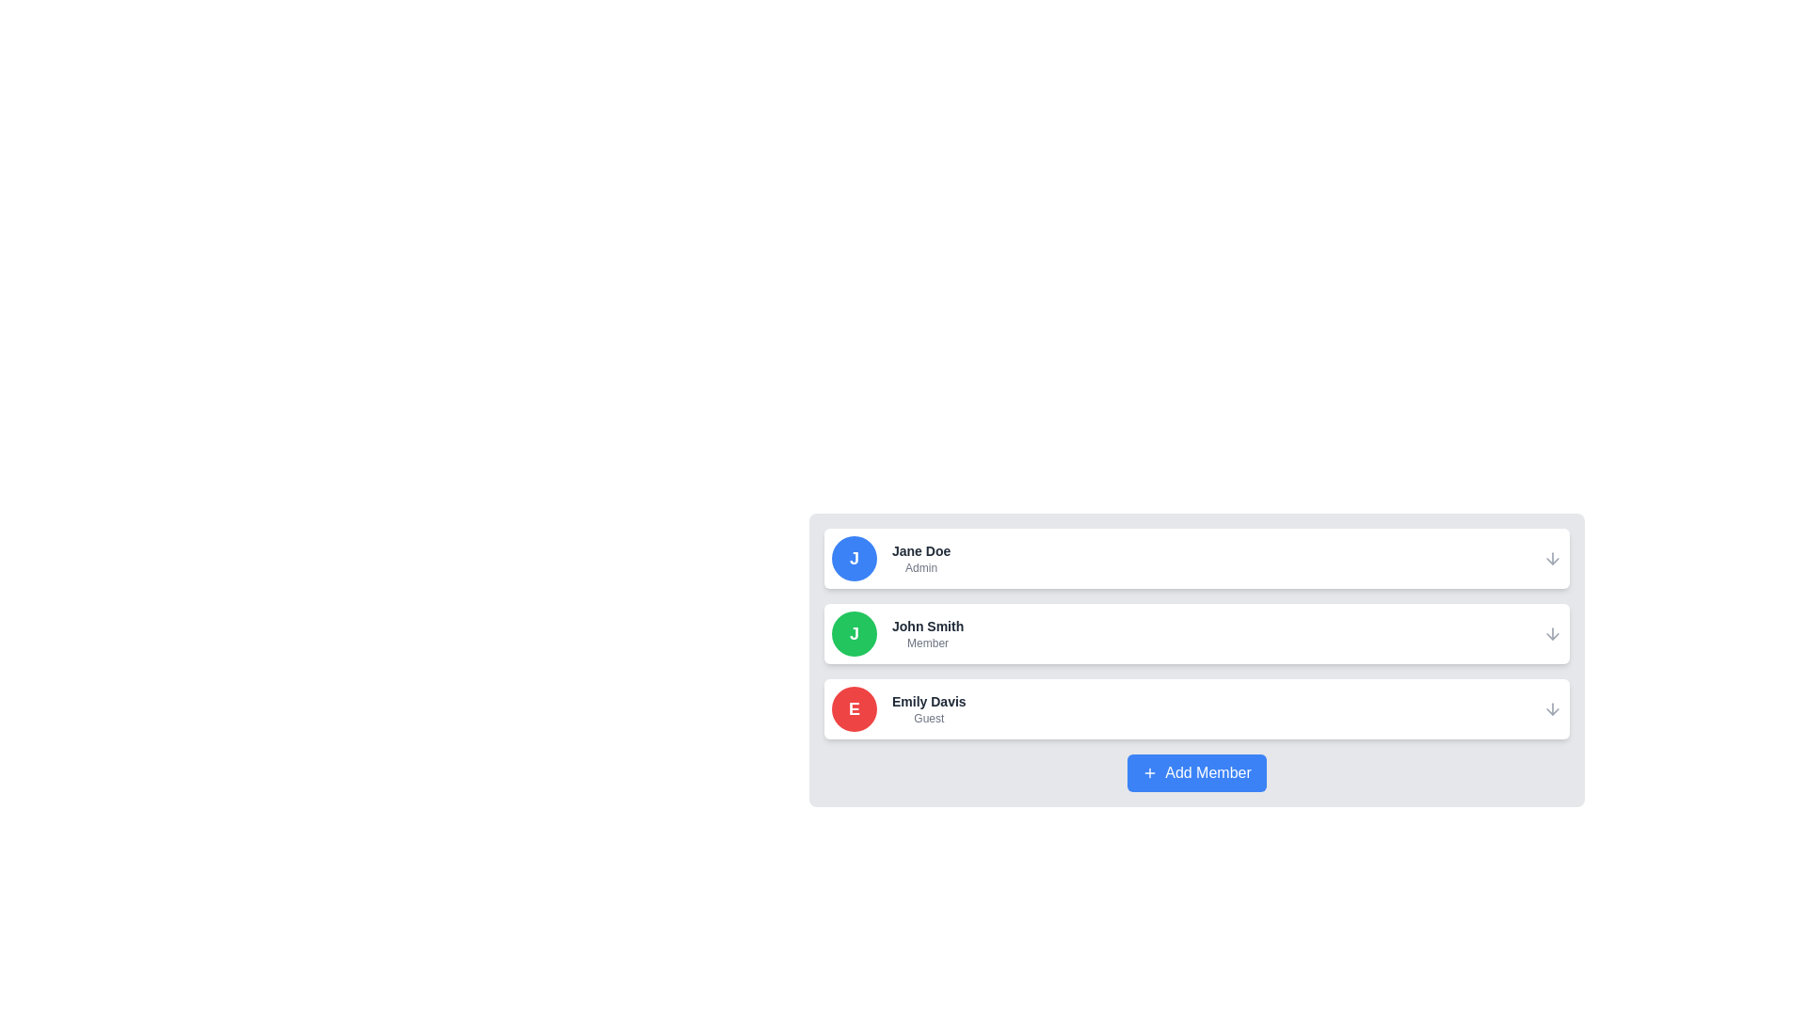  I want to click on the 'Guest' text label indicating the role of 'Emily Davis', which is located directly underneath the main 'Emily Davis' text in the third entry of the list, so click(929, 718).